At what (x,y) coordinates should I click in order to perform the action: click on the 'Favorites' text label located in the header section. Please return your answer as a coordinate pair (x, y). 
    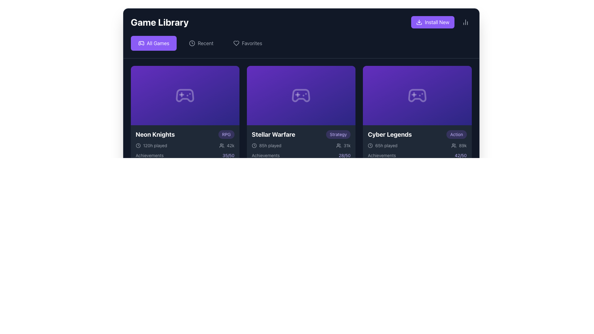
    Looking at the image, I should click on (252, 43).